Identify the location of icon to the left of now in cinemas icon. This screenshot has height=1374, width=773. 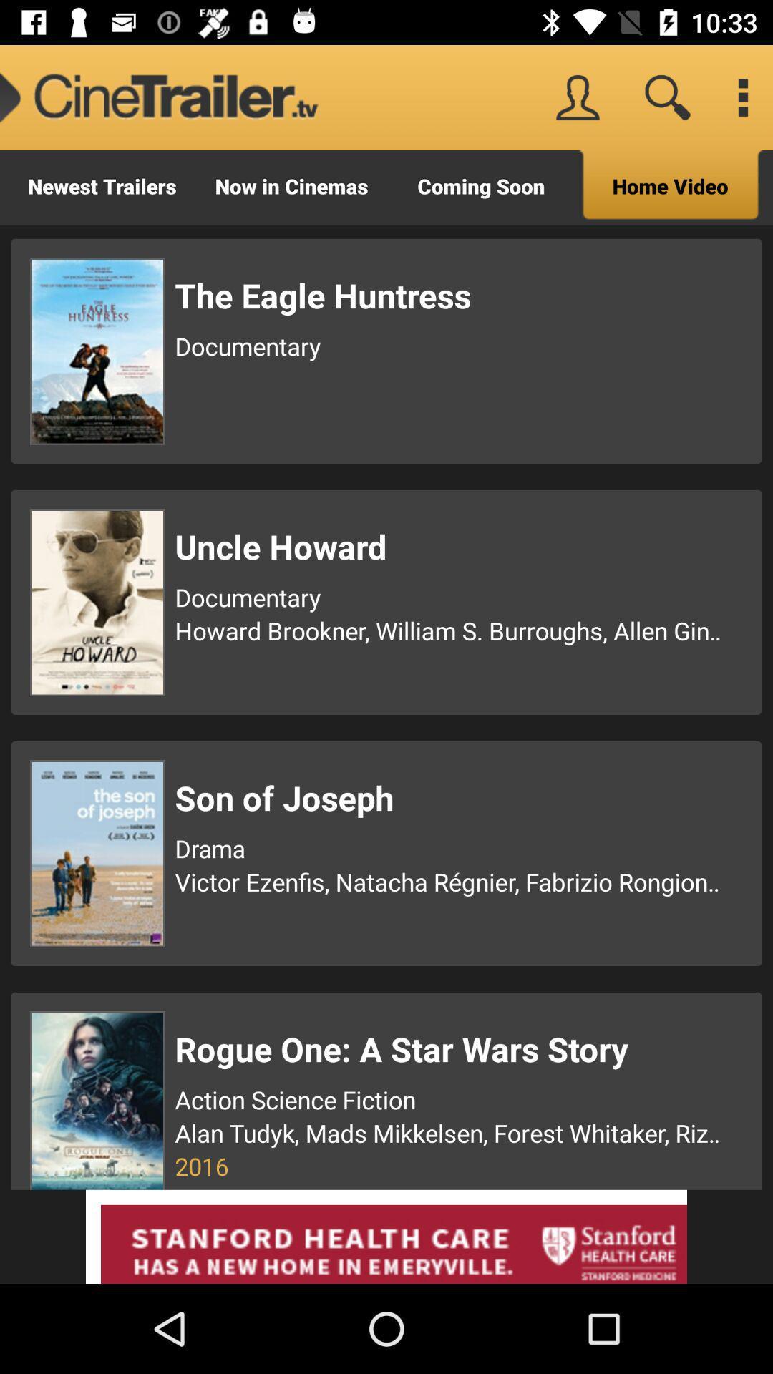
(101, 187).